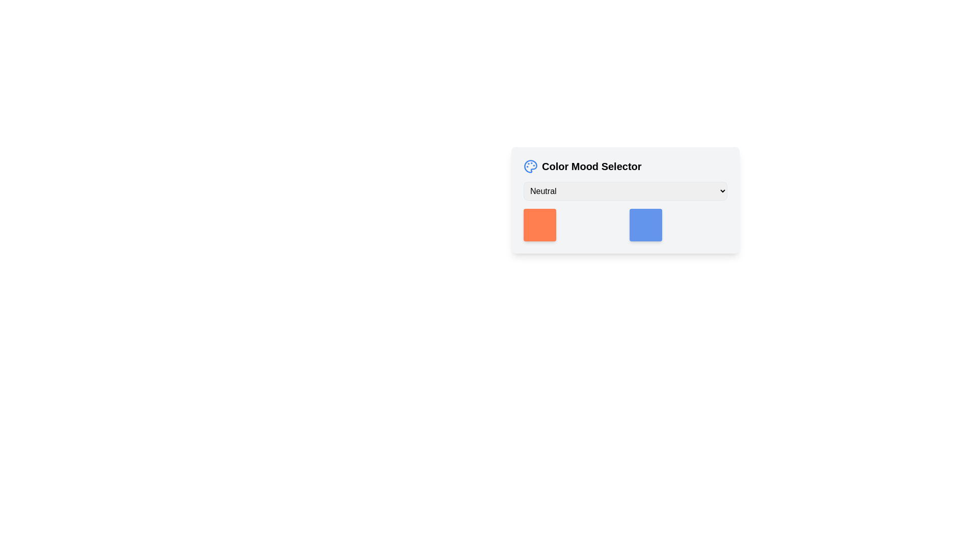 This screenshot has height=550, width=978. Describe the element at coordinates (539, 225) in the screenshot. I see `the visual indicator or selectable color block located below the 'Neutral' dropdown menu and to the left of the blue-colored block` at that location.